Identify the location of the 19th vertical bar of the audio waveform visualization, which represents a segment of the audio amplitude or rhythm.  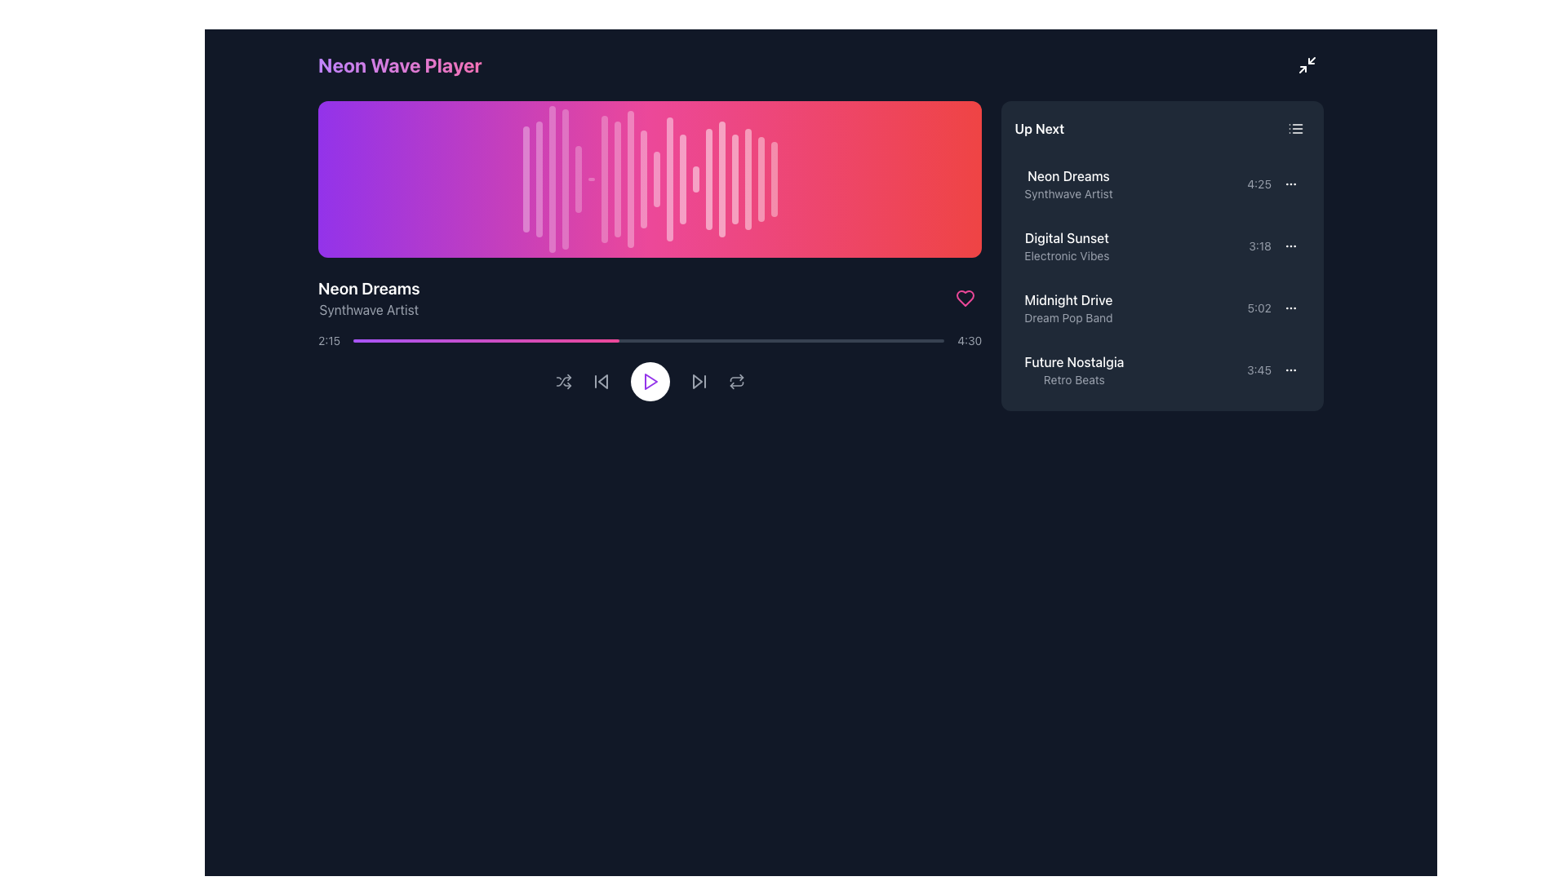
(773, 179).